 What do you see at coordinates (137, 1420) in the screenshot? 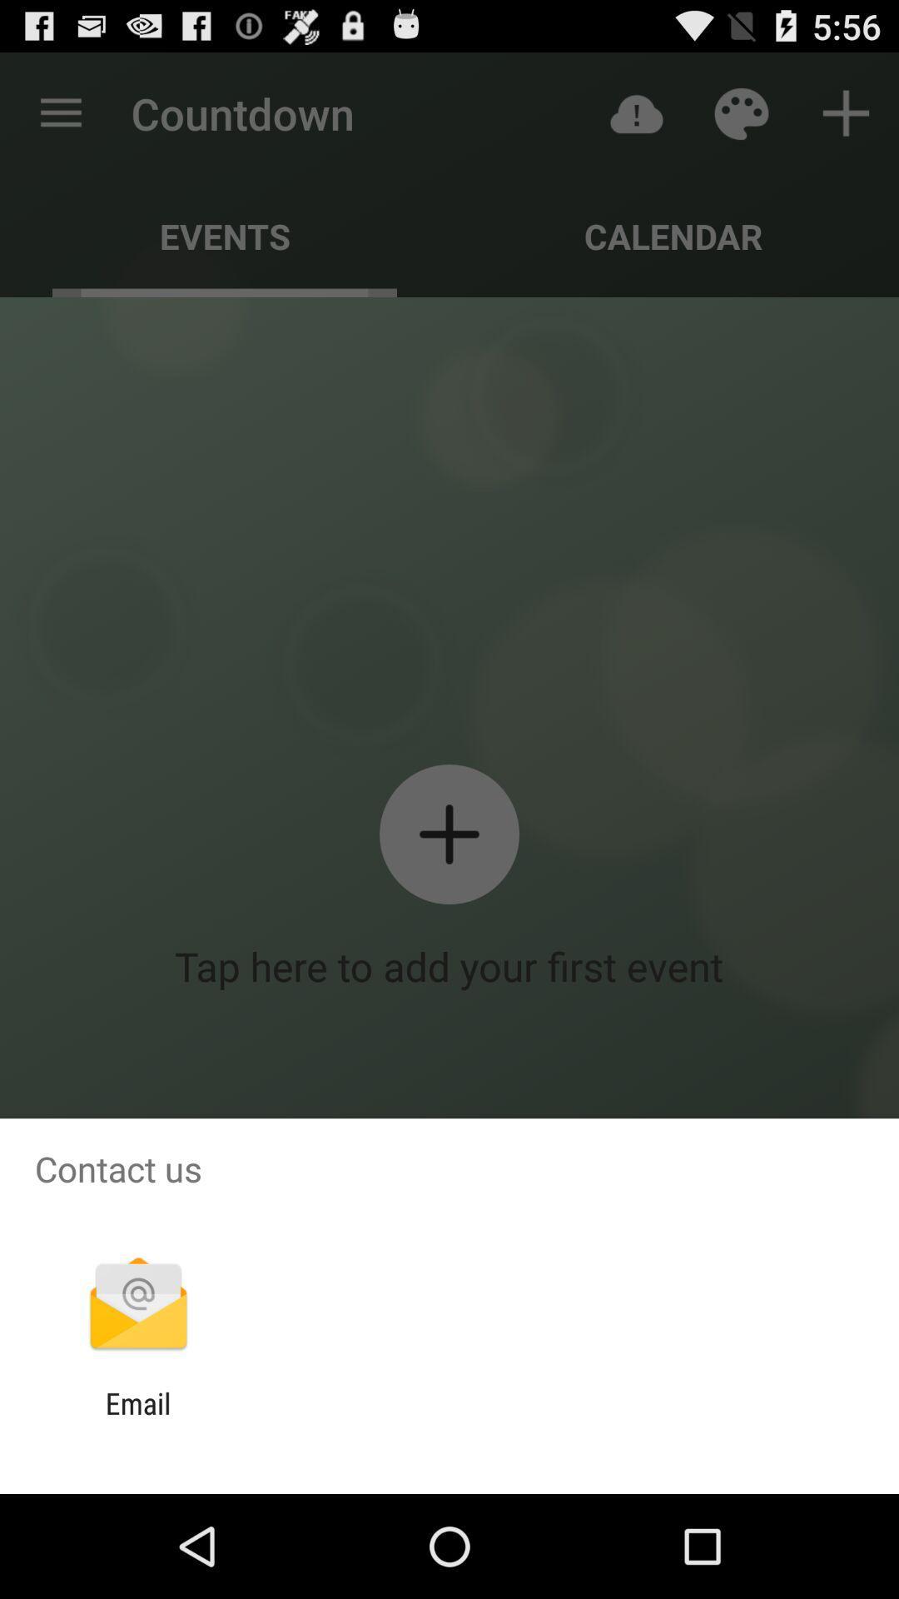
I see `the email item` at bounding box center [137, 1420].